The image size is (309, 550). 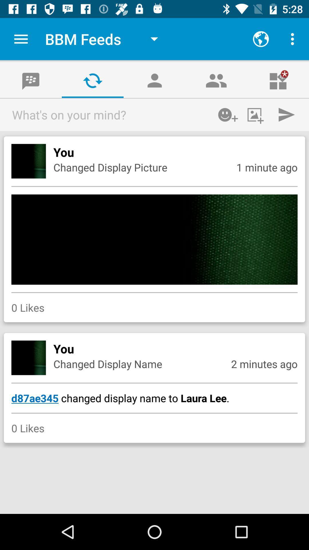 What do you see at coordinates (31, 80) in the screenshot?
I see `the bookmark icon` at bounding box center [31, 80].